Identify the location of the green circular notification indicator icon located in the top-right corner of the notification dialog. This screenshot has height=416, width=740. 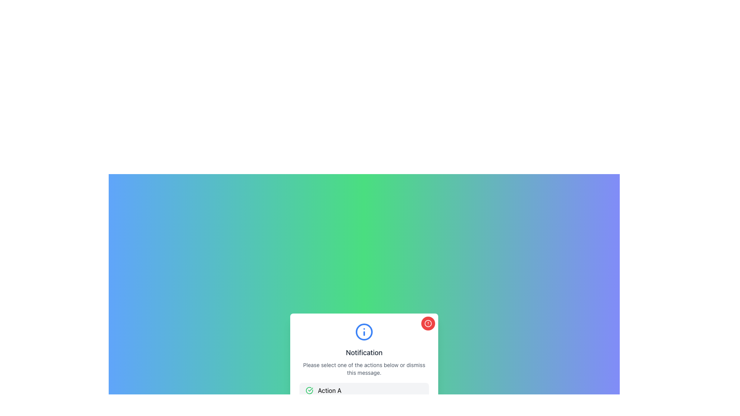
(309, 391).